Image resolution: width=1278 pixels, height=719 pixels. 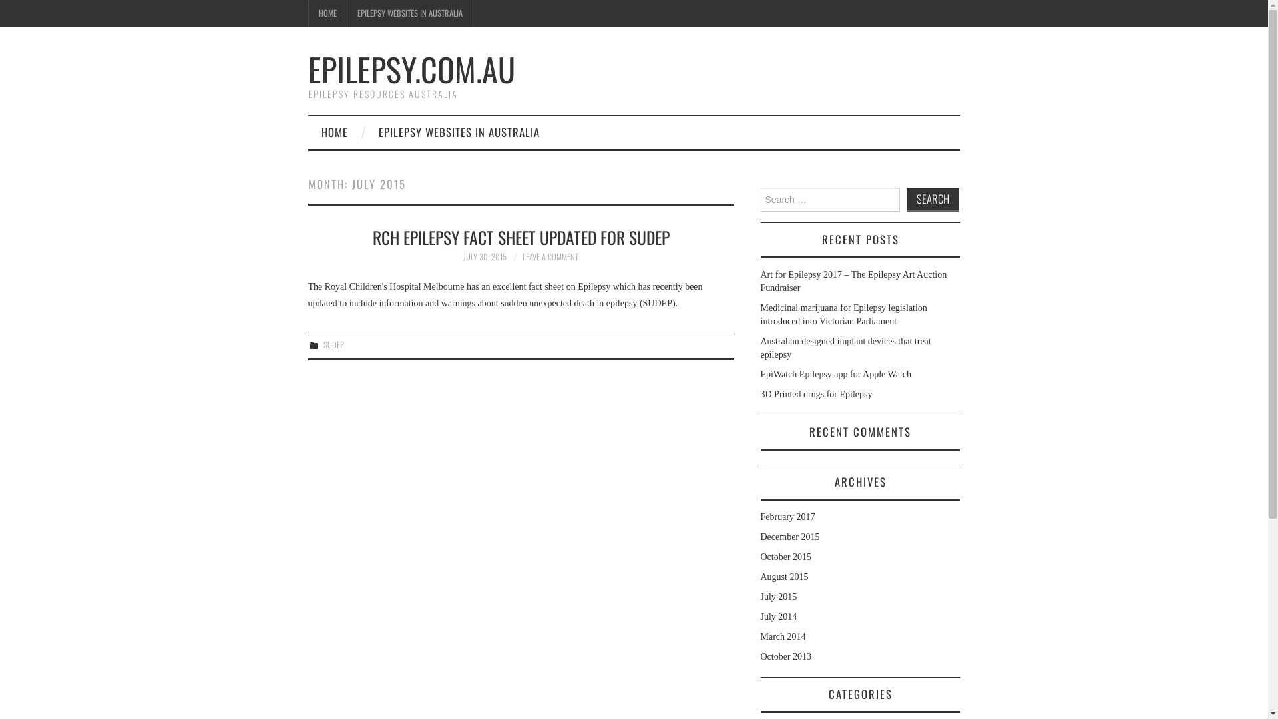 I want to click on '3D Printed drugs for Epilepsy', so click(x=760, y=393).